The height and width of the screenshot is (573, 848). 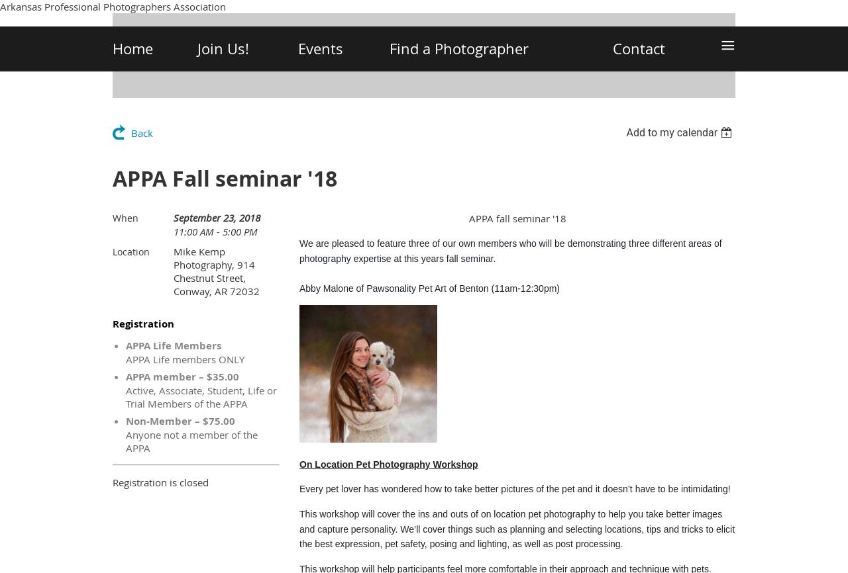 What do you see at coordinates (458, 48) in the screenshot?
I see `'Find a Photographer'` at bounding box center [458, 48].